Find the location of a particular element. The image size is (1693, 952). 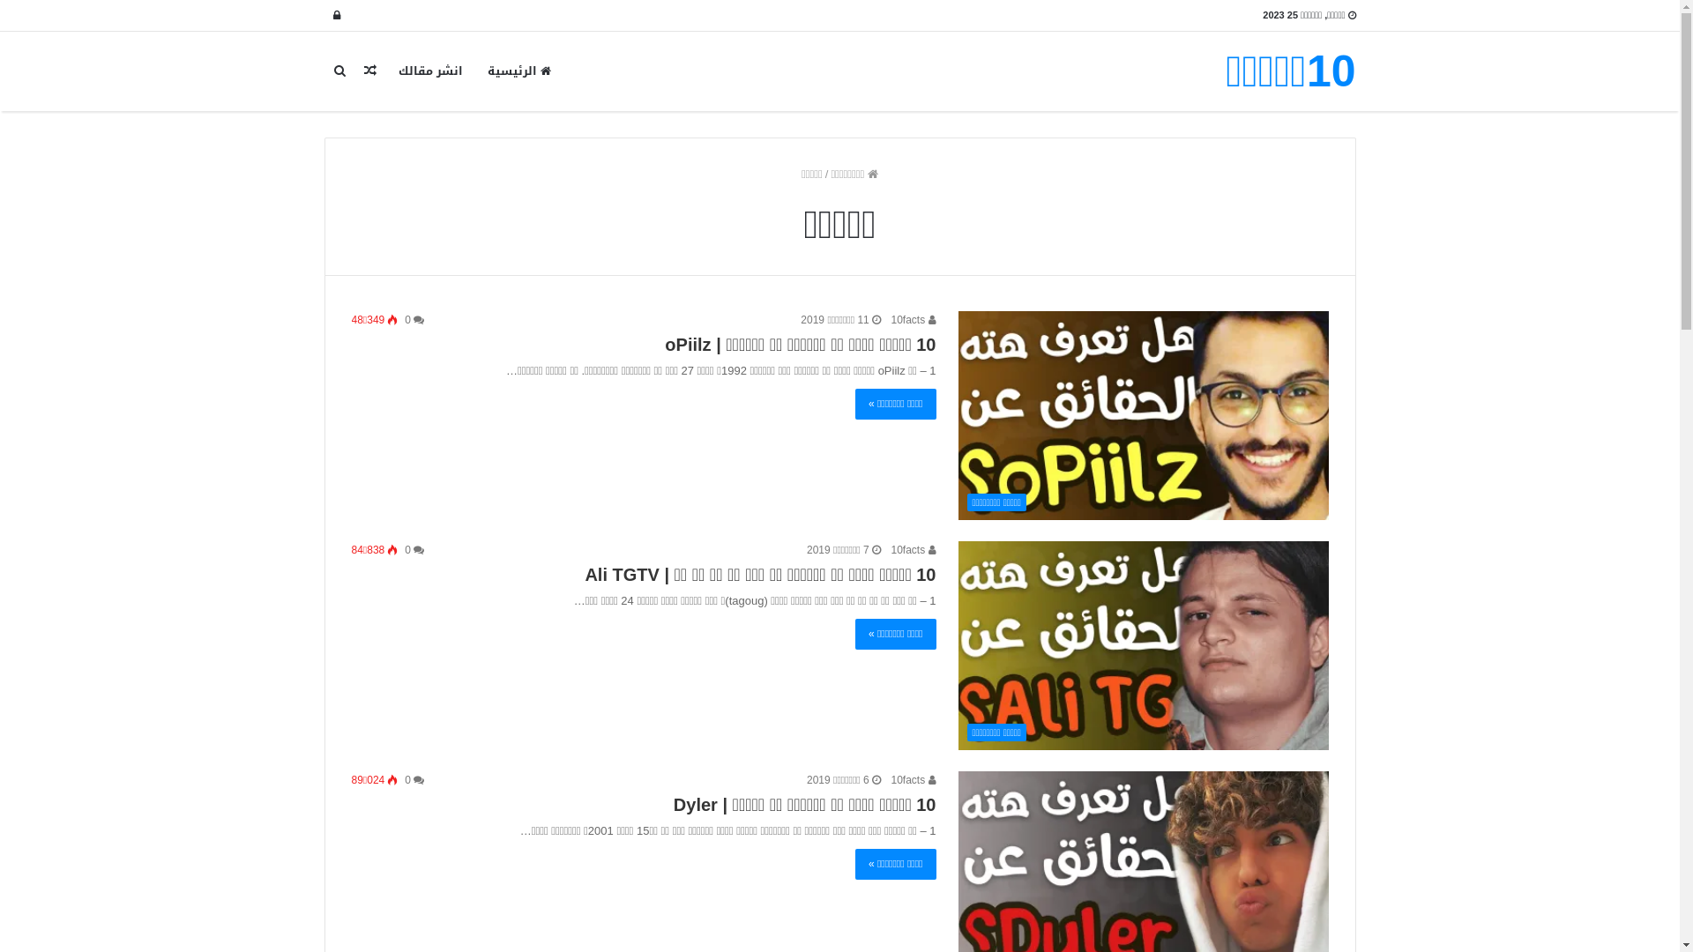

'0' is located at coordinates (404, 319).